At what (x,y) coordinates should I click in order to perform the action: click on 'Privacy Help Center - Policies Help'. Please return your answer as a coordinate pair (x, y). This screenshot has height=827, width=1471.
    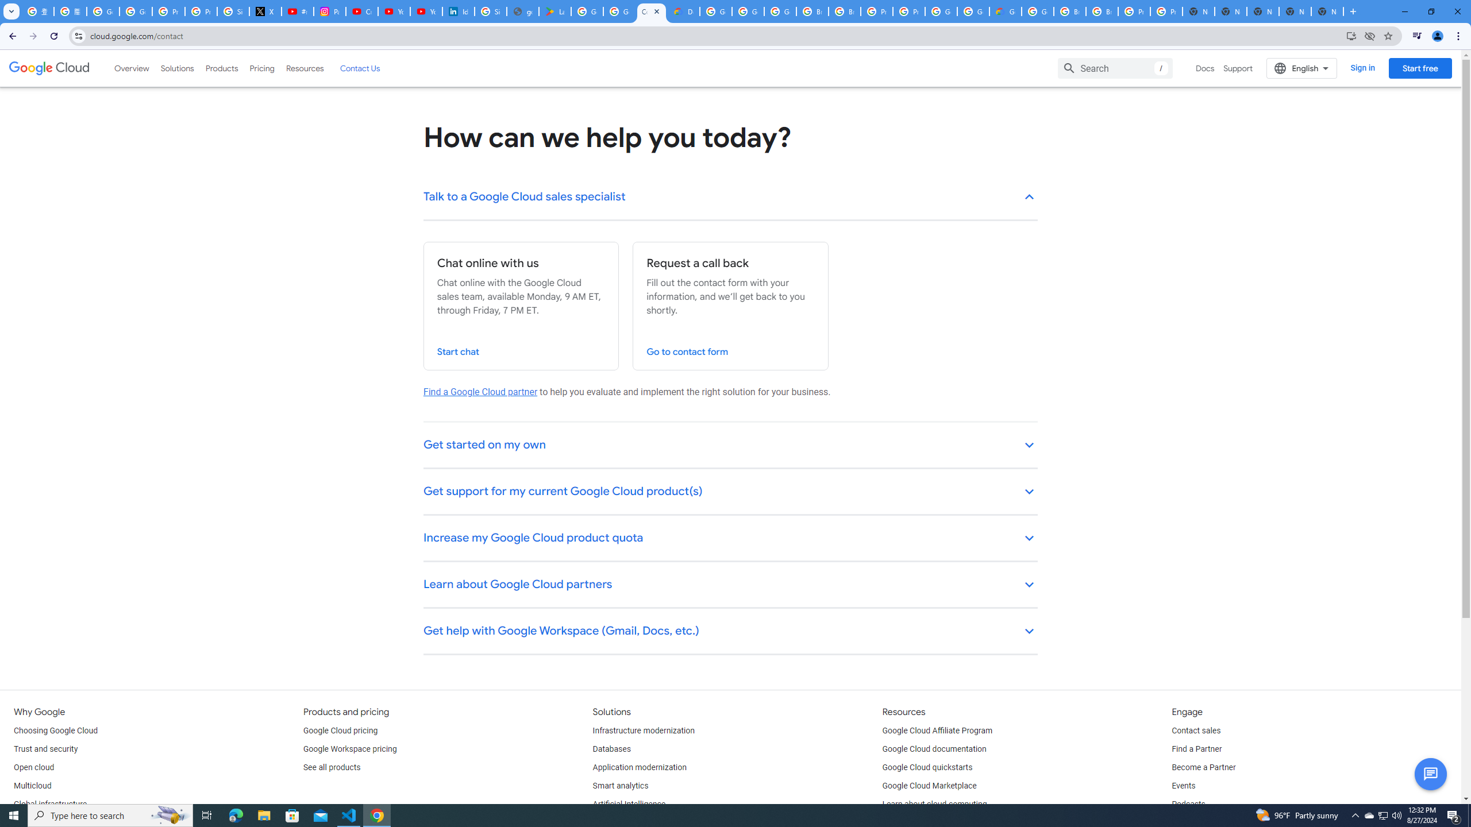
    Looking at the image, I should click on (200, 11).